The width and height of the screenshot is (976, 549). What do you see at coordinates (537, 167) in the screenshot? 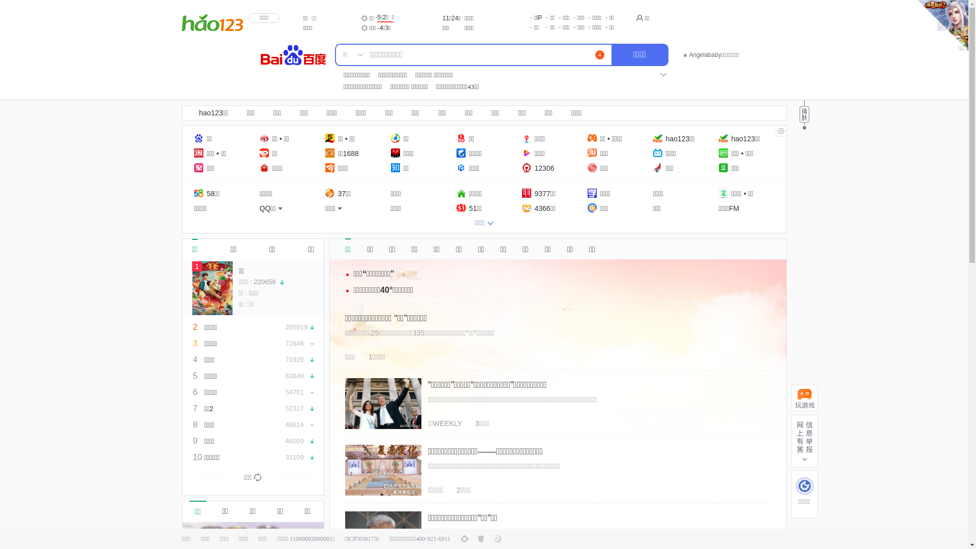
I see `'12306'` at bounding box center [537, 167].